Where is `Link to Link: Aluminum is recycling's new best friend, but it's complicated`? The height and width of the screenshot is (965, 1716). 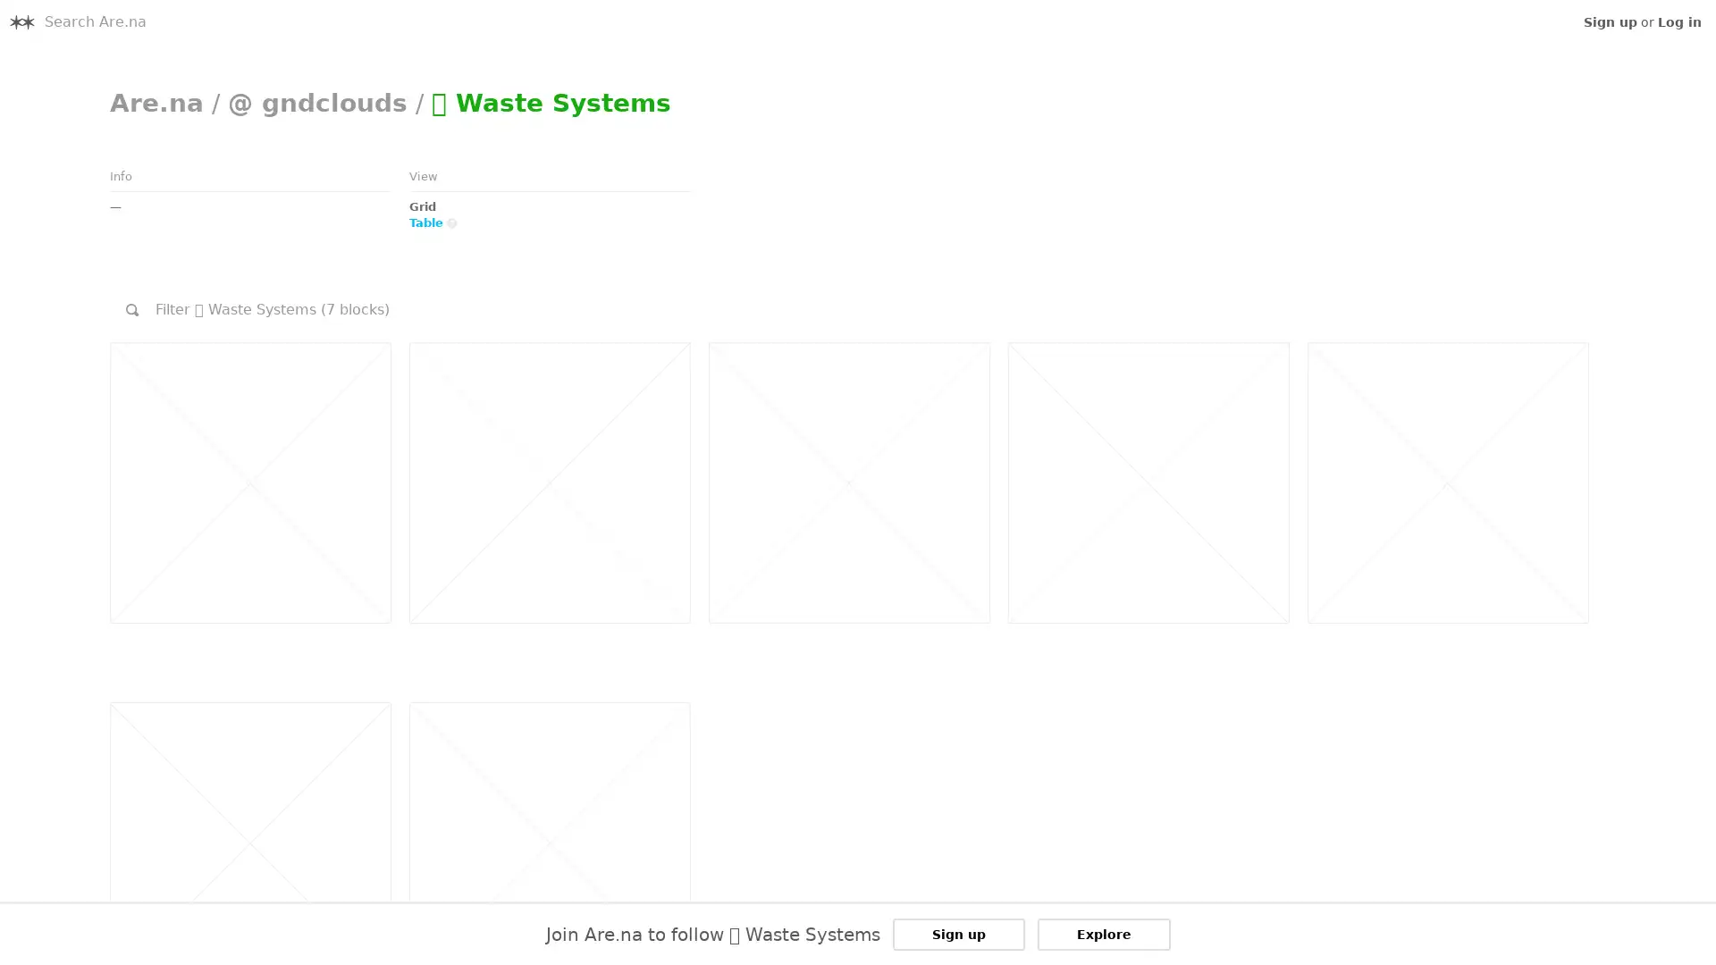
Link to Link: Aluminum is recycling's new best friend, but it's complicated is located at coordinates (847, 482).